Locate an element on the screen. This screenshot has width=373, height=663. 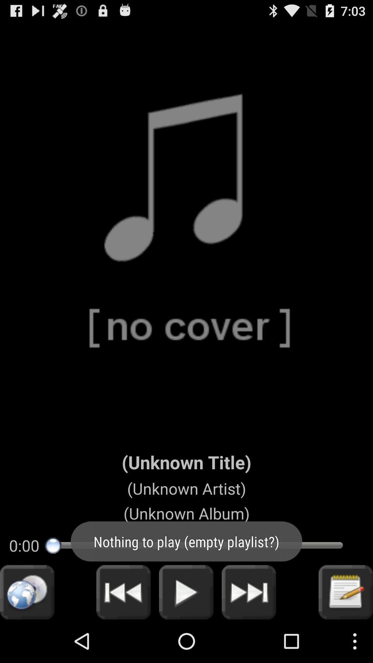
the edit icon is located at coordinates (346, 634).